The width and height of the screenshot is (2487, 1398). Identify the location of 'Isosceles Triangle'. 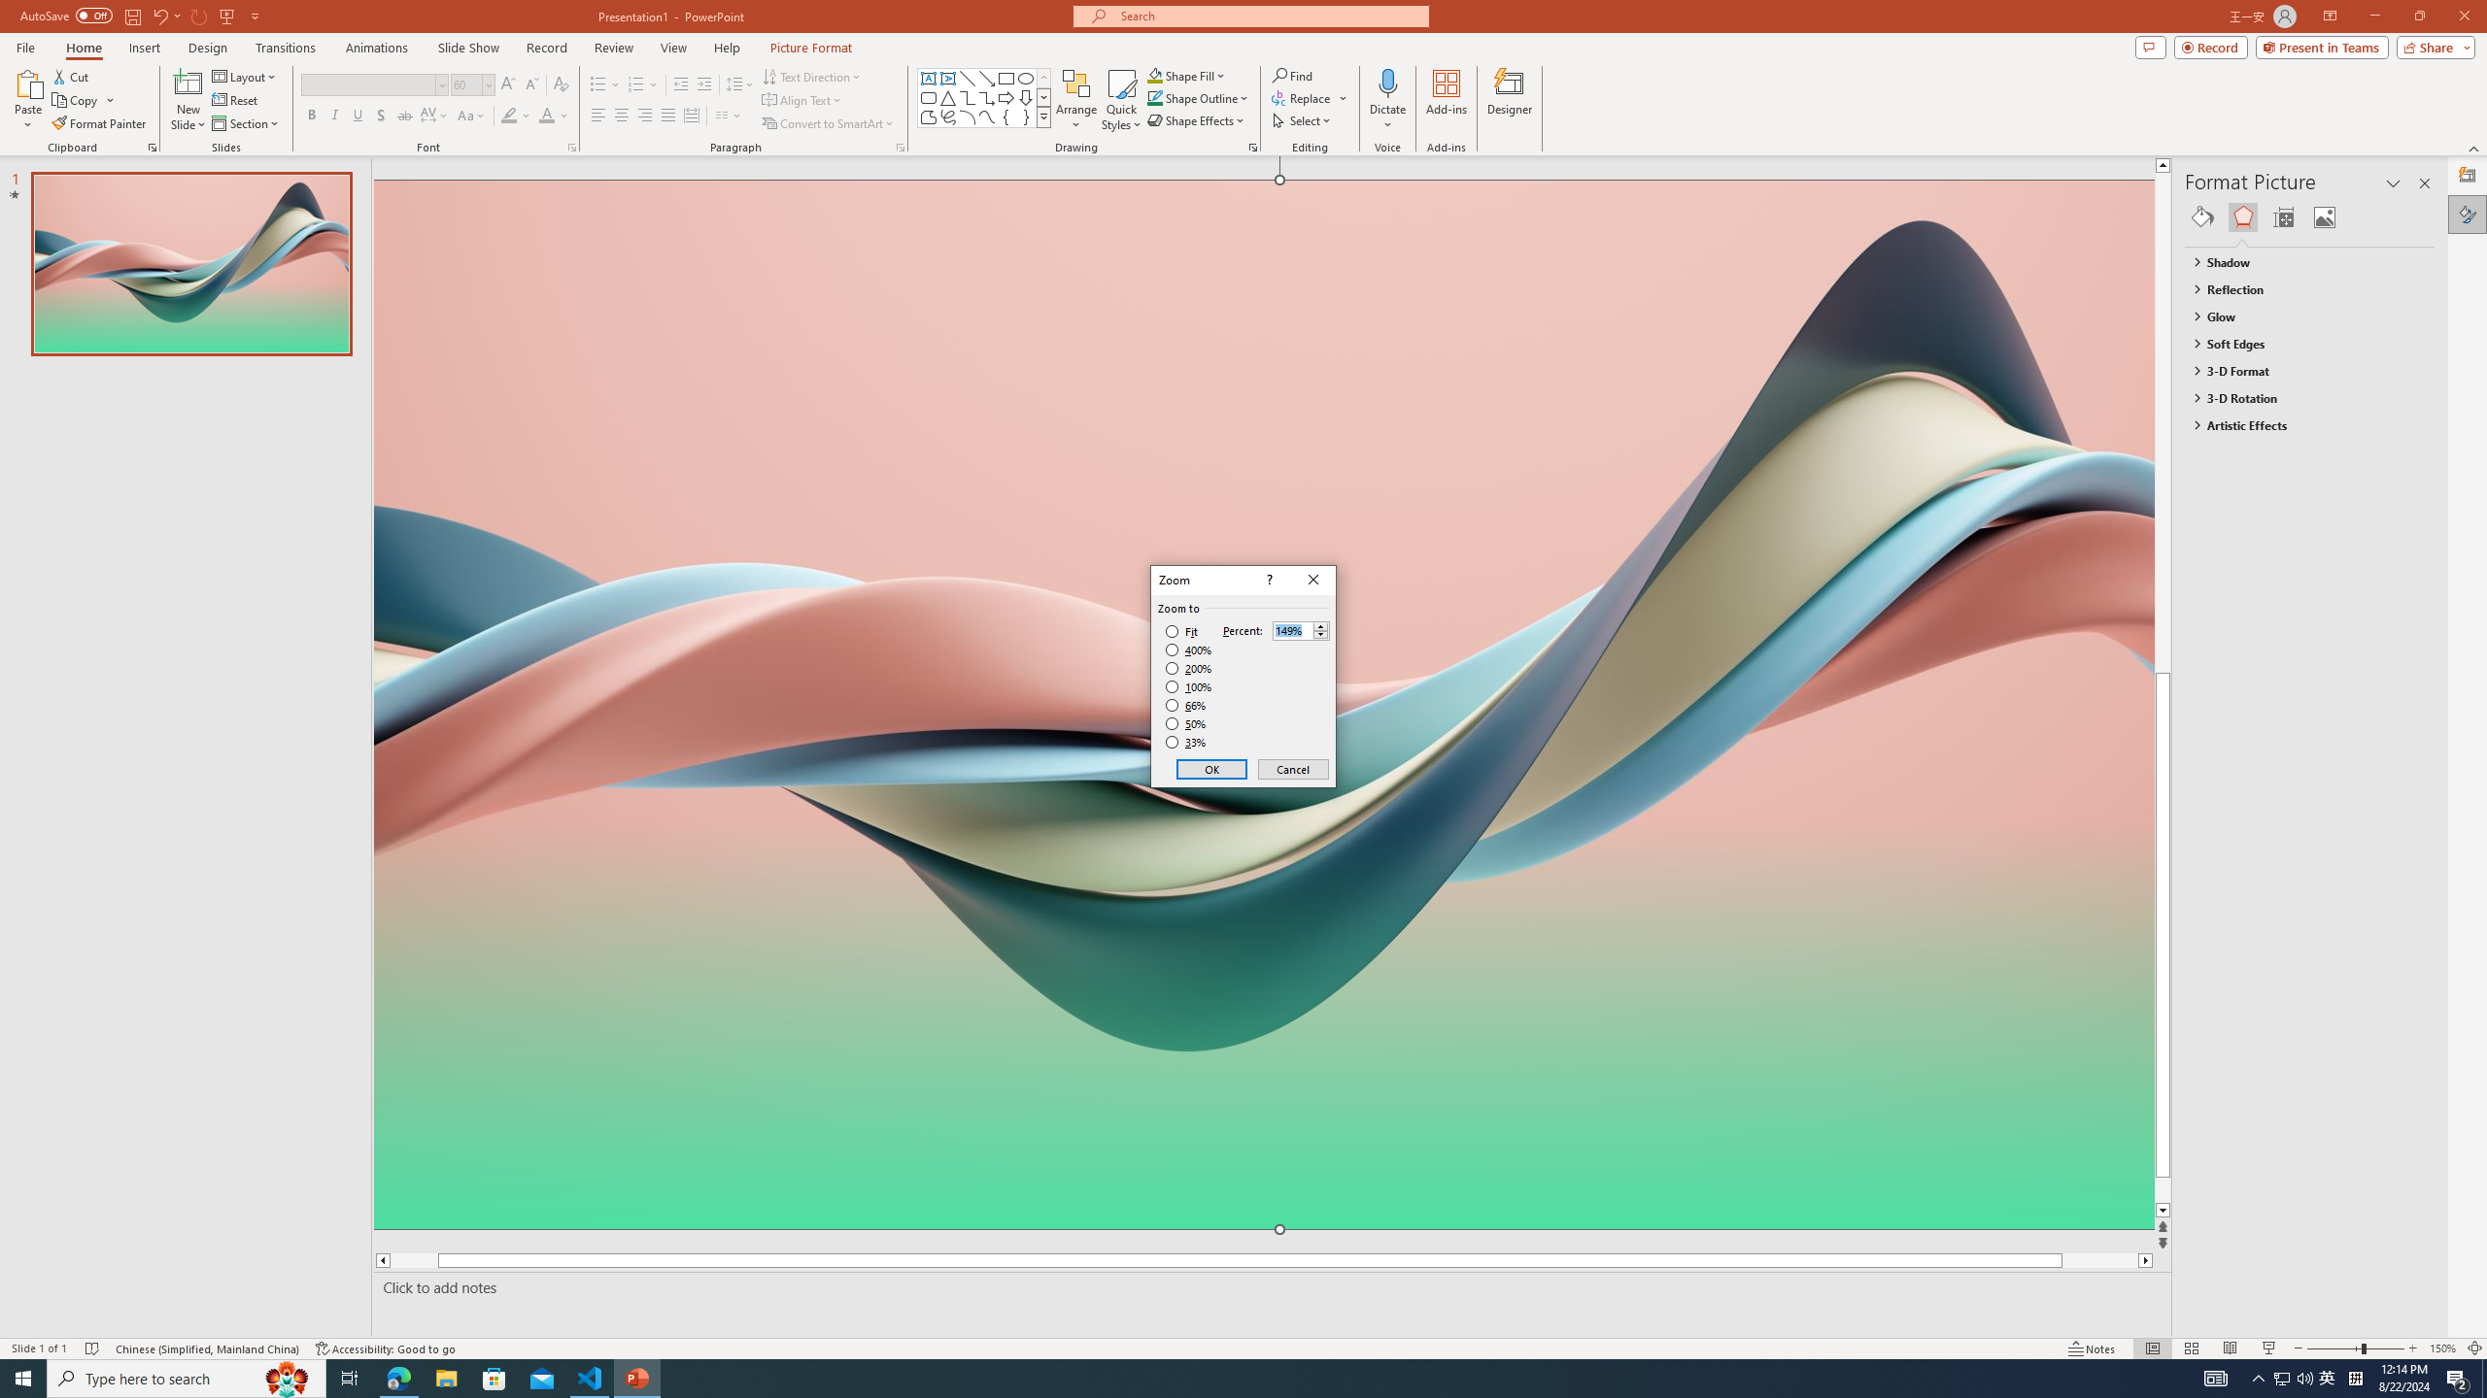
(946, 96).